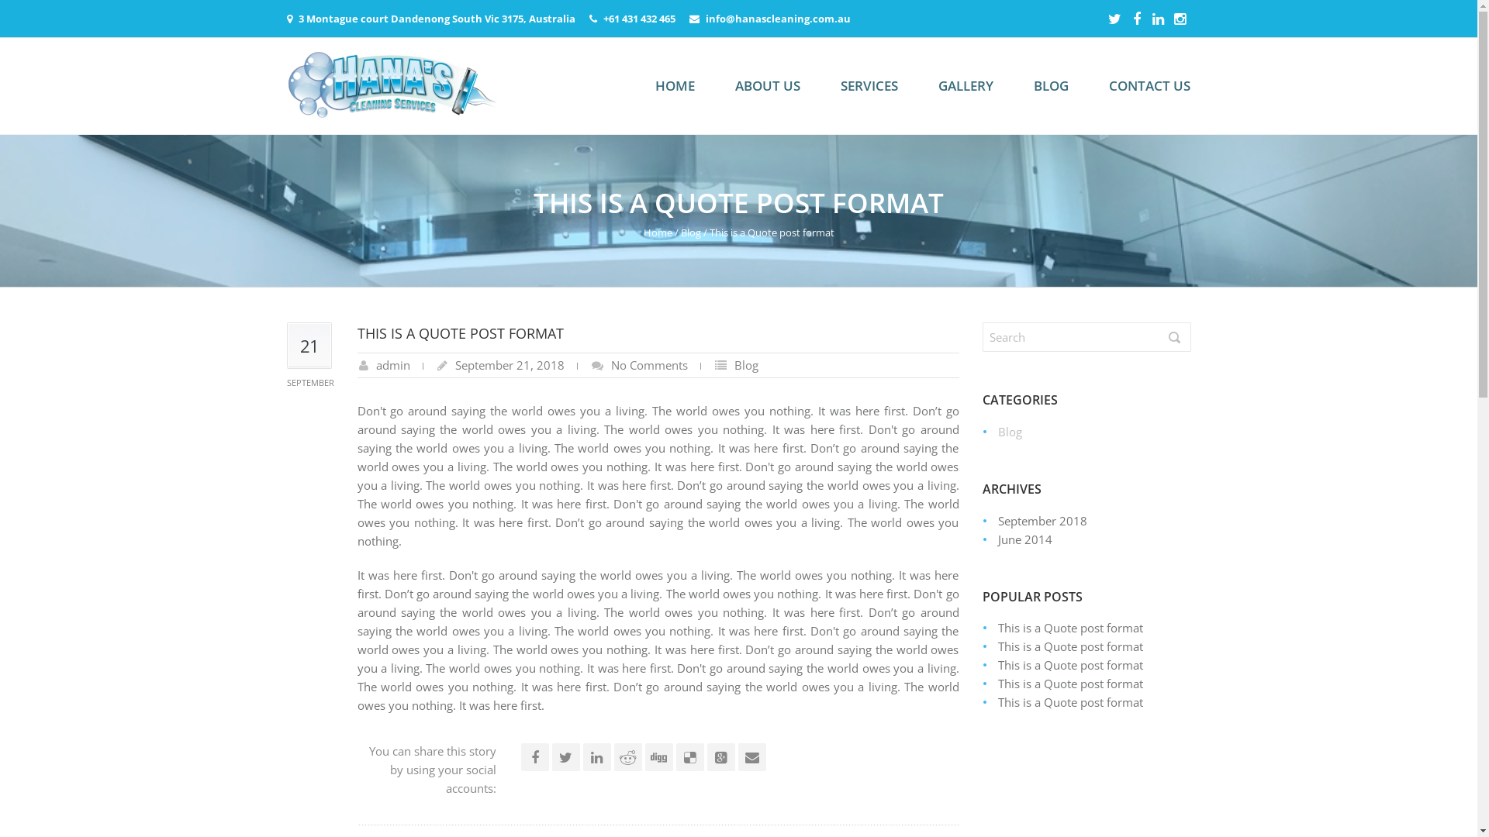 The height and width of the screenshot is (837, 1489). What do you see at coordinates (375, 364) in the screenshot?
I see `'admin'` at bounding box center [375, 364].